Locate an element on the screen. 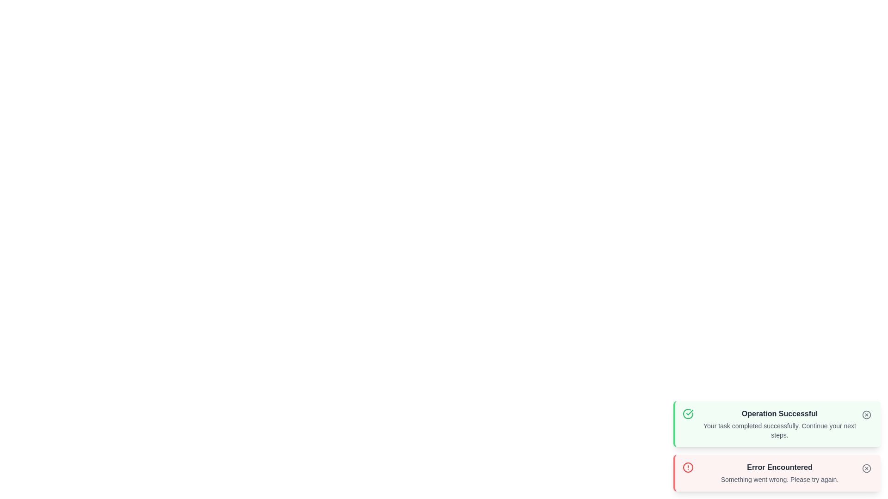  the circular button with a cross icon located in the top-right corner of the 'Operation Successful' alert box is located at coordinates (866, 414).